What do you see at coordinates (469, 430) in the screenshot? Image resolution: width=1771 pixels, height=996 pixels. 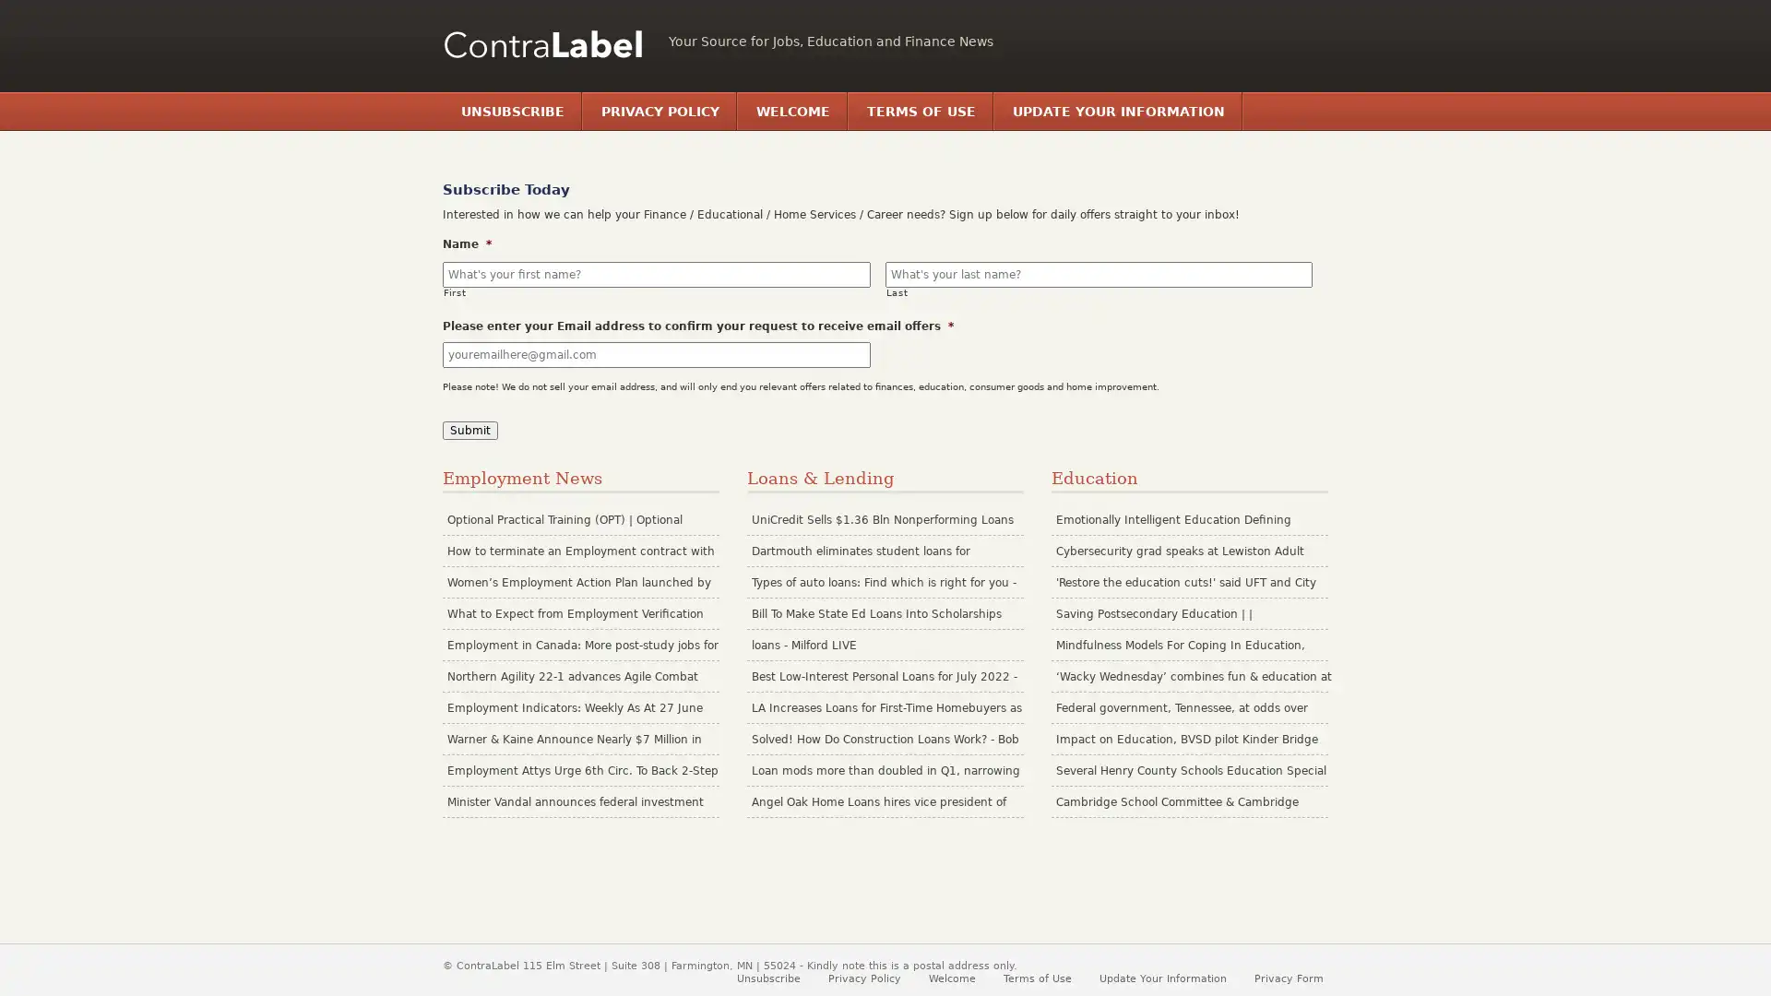 I see `Submit` at bounding box center [469, 430].